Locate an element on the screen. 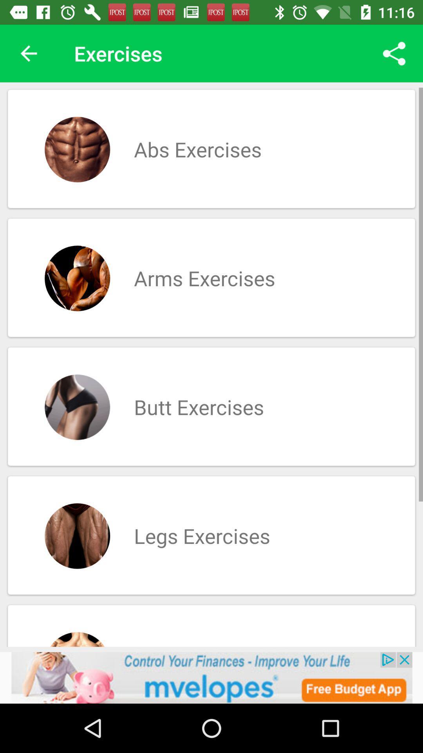  the advertisement is located at coordinates (211, 677).